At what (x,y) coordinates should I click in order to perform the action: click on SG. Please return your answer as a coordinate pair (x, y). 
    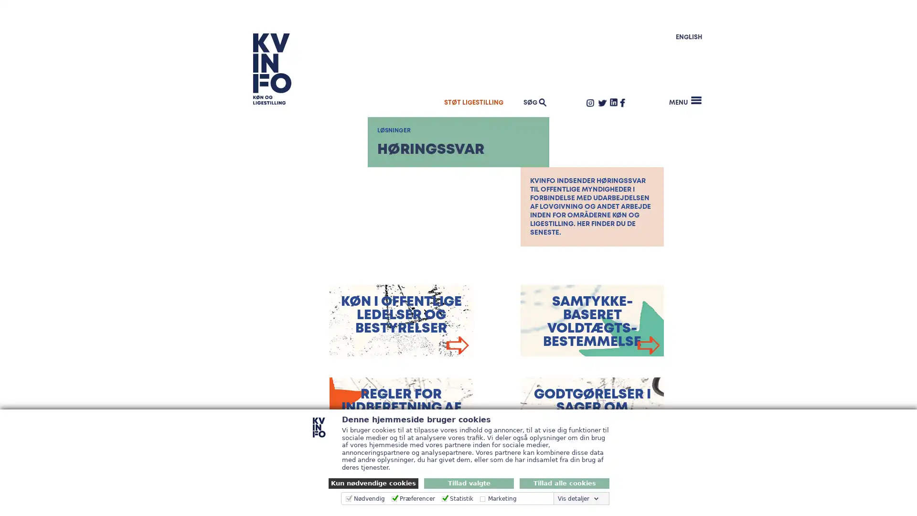
    Looking at the image, I should click on (533, 102).